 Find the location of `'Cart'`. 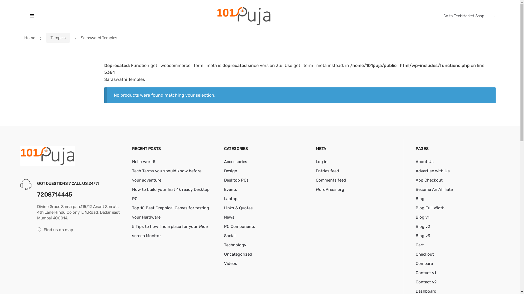

'Cart' is located at coordinates (419, 244).